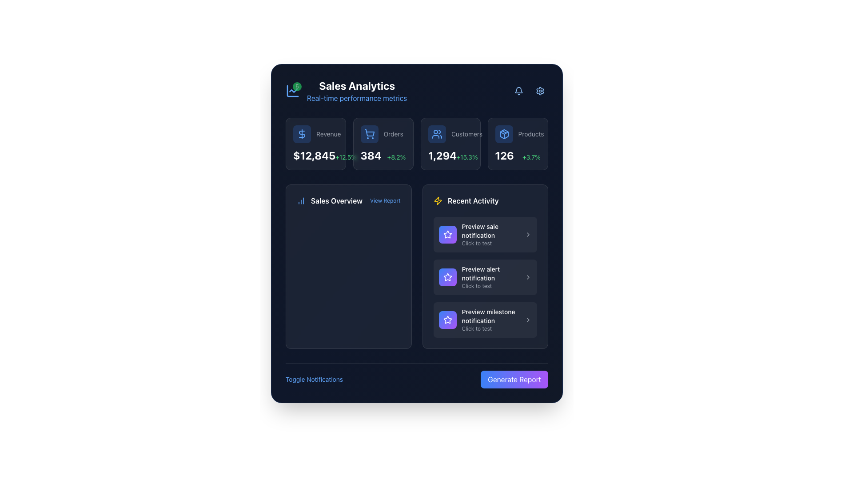 Image resolution: width=853 pixels, height=480 pixels. I want to click on the numeric value display indicating total orders, located in the header section of the dashboard under the 'Orders' label, so click(371, 155).